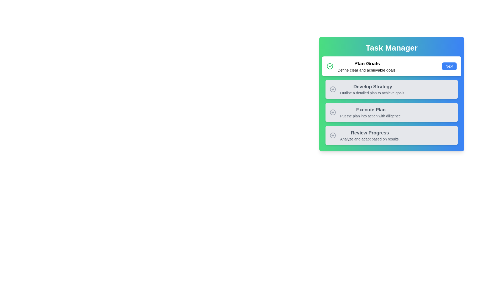 Image resolution: width=504 pixels, height=283 pixels. I want to click on the text element styled in a smaller font size that reads 'Put the plan into action with diligence.' located beneath the 'Execute Plan' heading in the 'Task Manager' card interface, so click(371, 116).